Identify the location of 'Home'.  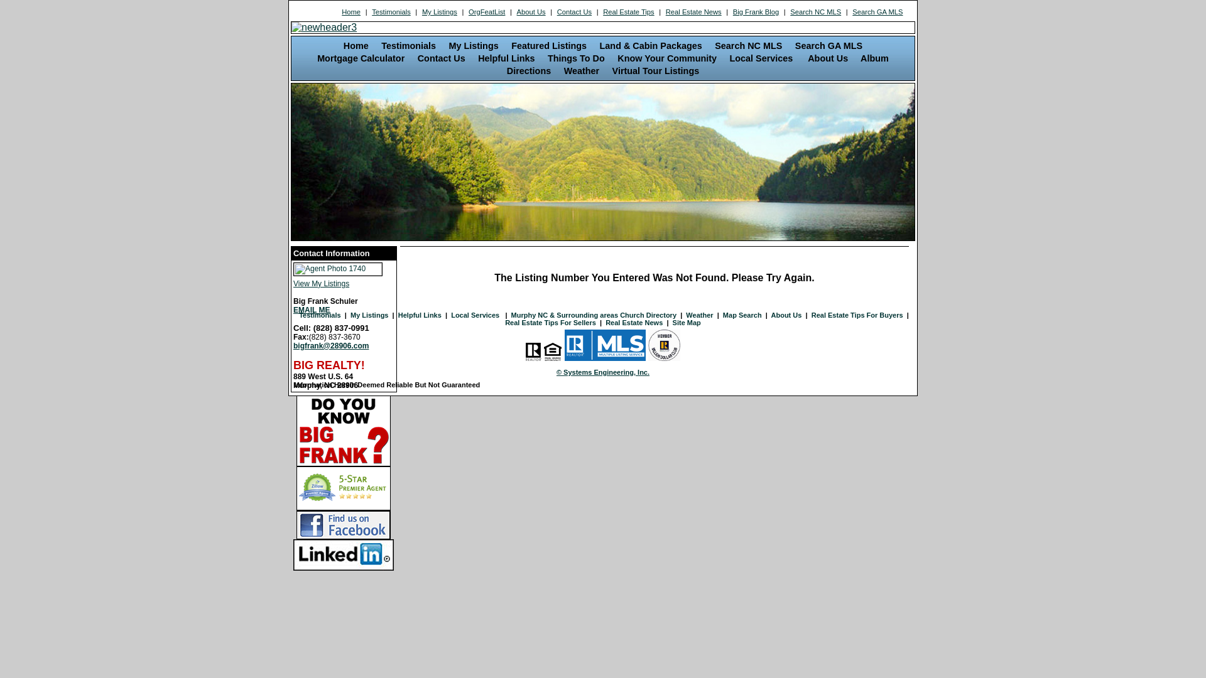
(355, 45).